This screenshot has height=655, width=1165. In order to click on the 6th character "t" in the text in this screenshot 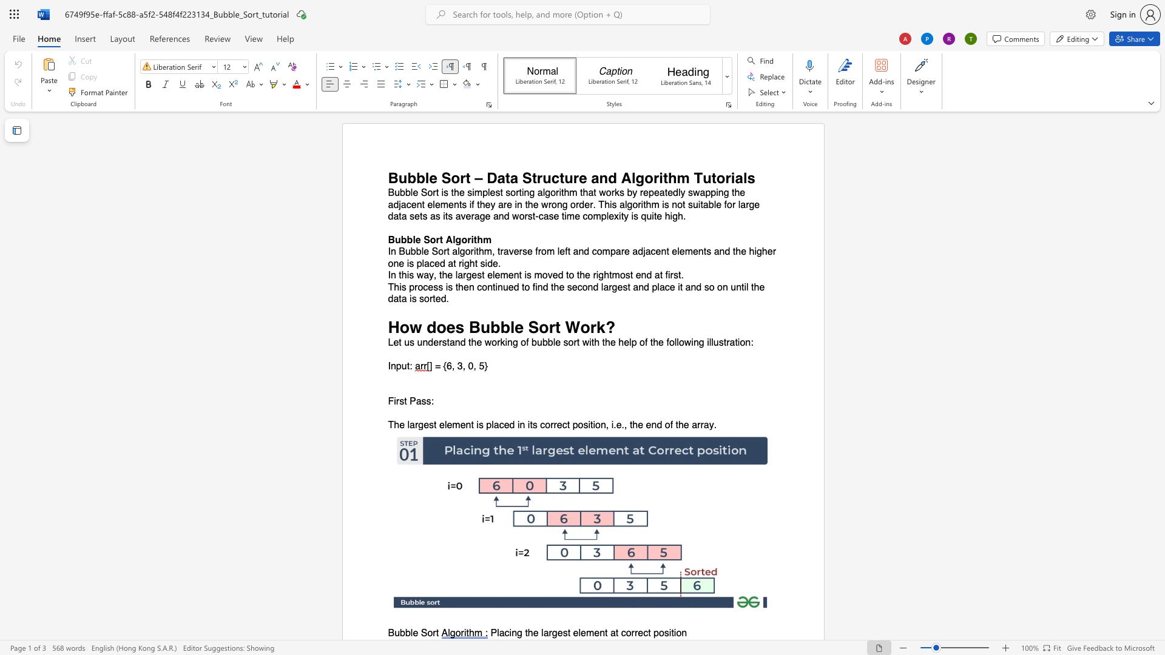, I will do `click(681, 287)`.